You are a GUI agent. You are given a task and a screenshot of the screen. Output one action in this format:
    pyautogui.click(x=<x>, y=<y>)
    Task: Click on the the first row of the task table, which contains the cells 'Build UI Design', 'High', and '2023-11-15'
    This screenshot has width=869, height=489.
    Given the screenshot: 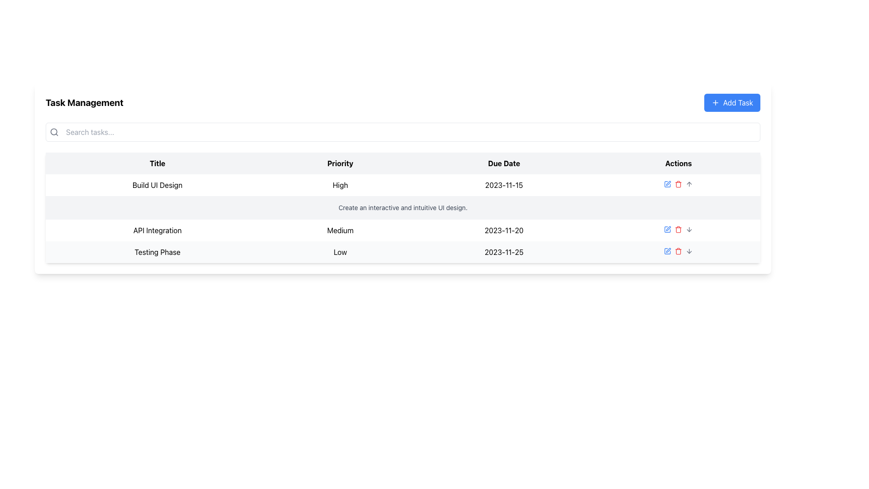 What is the action you would take?
    pyautogui.click(x=402, y=184)
    